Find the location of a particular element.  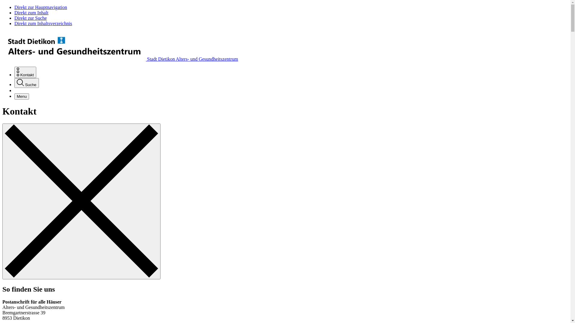

'Direkt zur Suche' is located at coordinates (30, 18).